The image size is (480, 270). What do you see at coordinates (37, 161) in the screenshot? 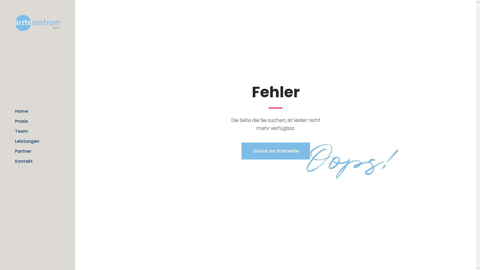
I see `'Kontakt'` at bounding box center [37, 161].